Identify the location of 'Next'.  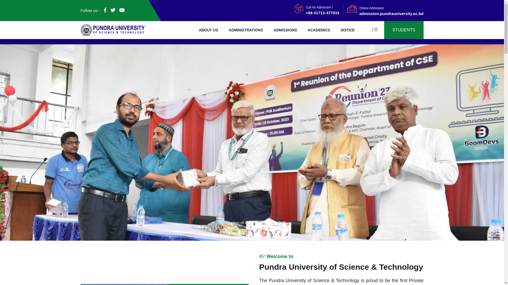
(466, 142).